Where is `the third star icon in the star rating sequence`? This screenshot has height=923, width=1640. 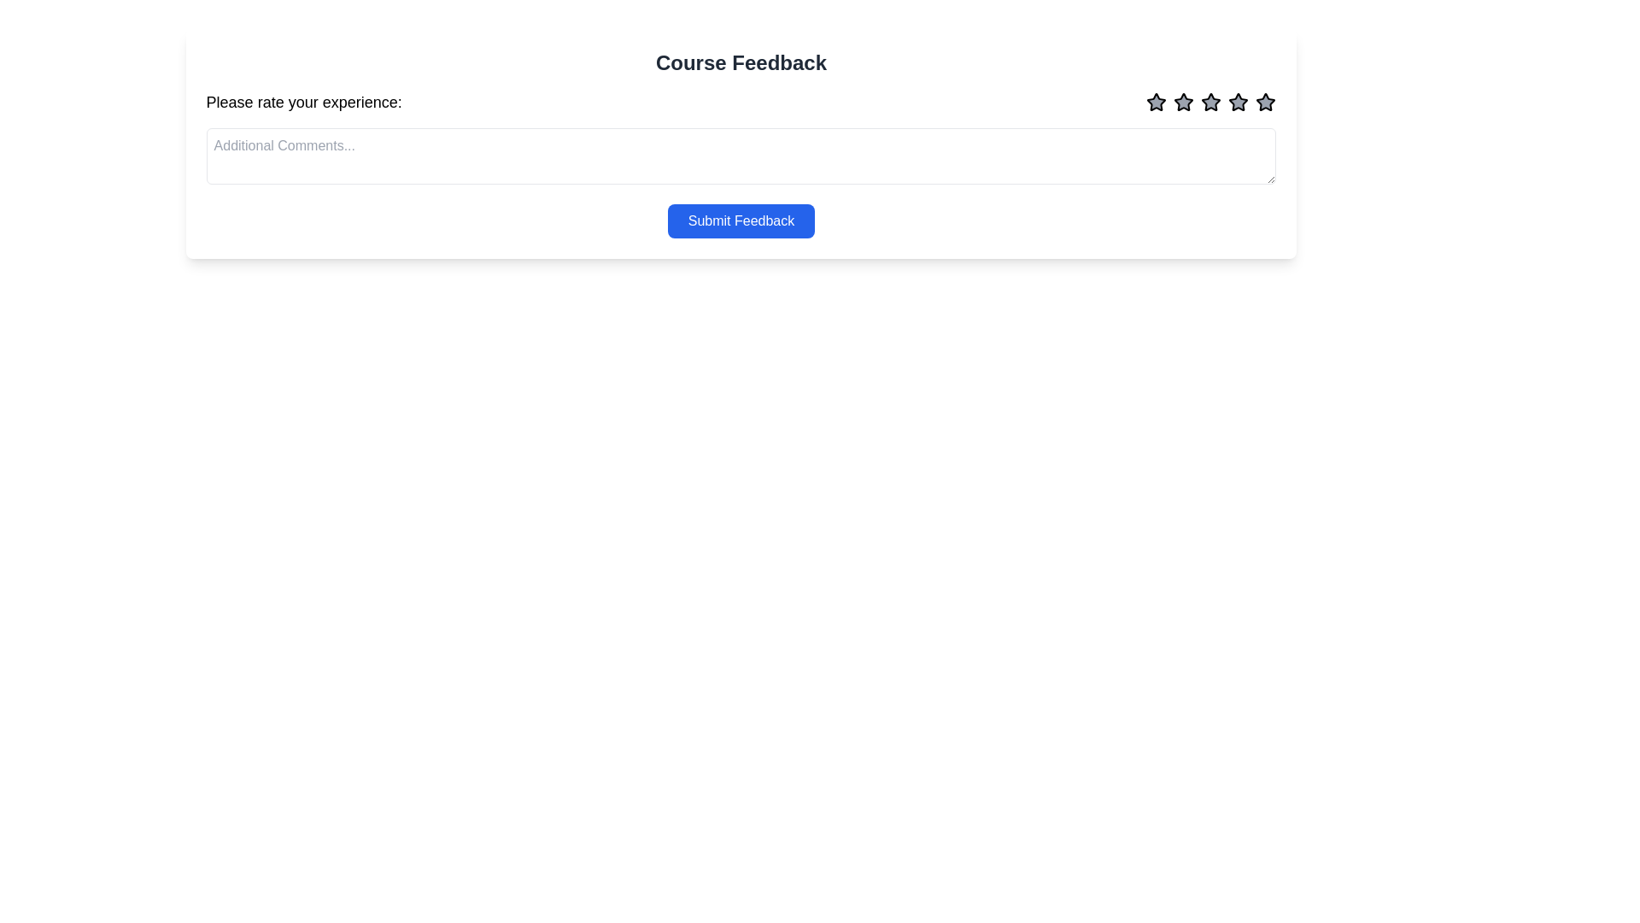
the third star icon in the star rating sequence is located at coordinates (1183, 102).